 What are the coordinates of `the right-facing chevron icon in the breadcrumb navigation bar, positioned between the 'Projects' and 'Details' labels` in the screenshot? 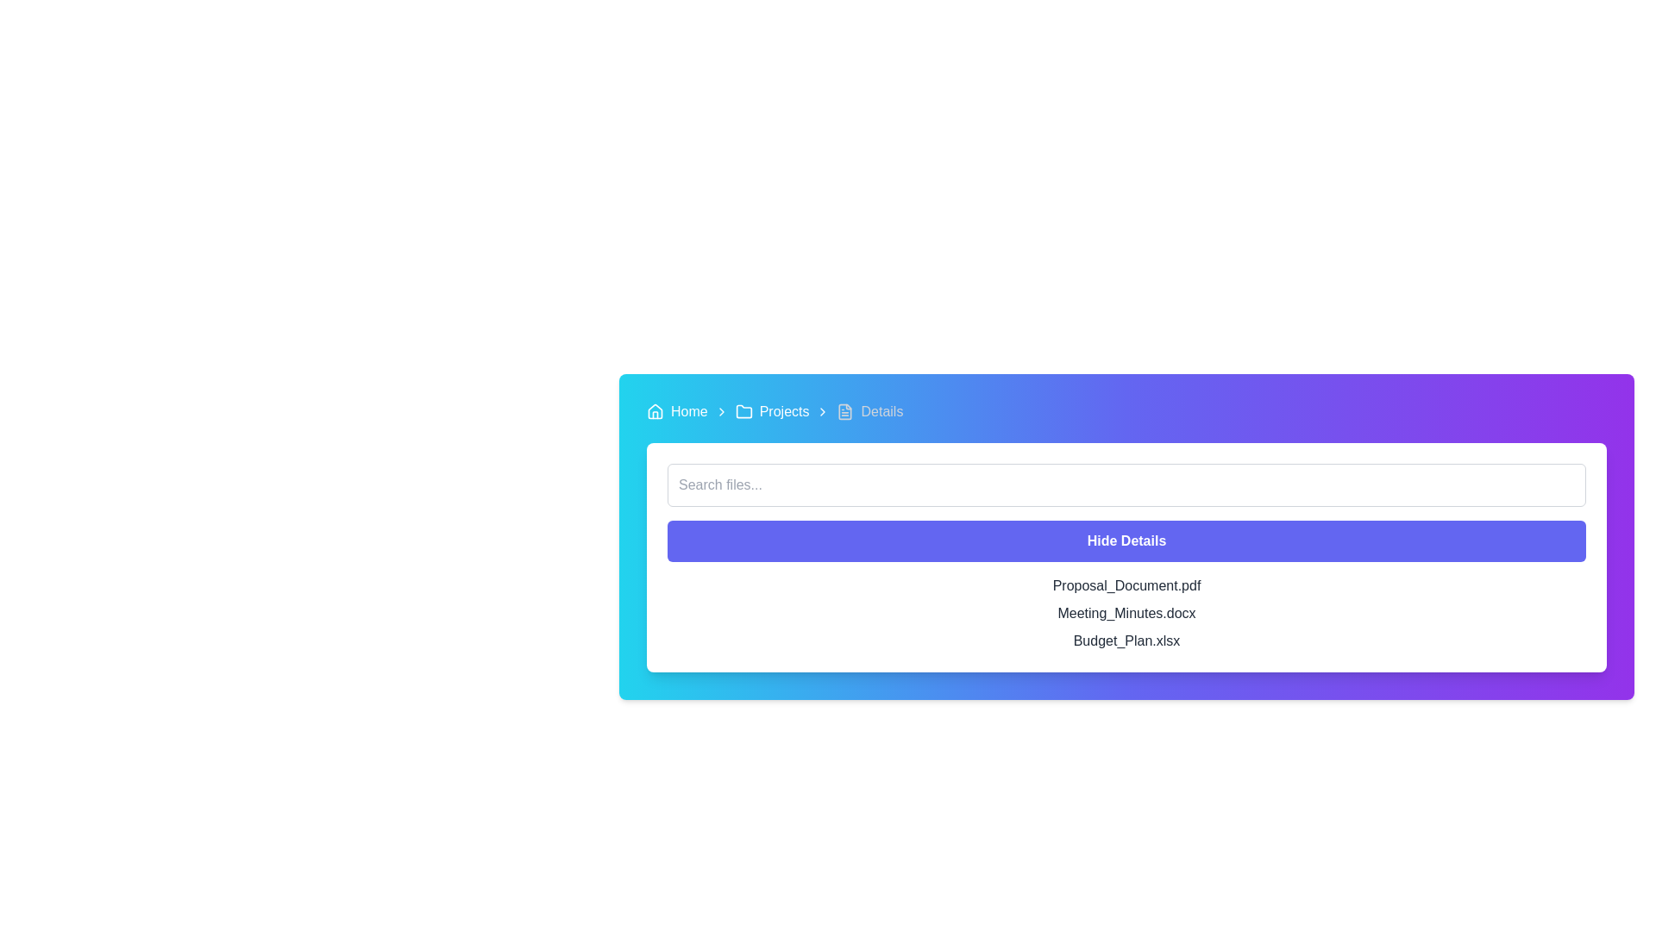 It's located at (822, 412).